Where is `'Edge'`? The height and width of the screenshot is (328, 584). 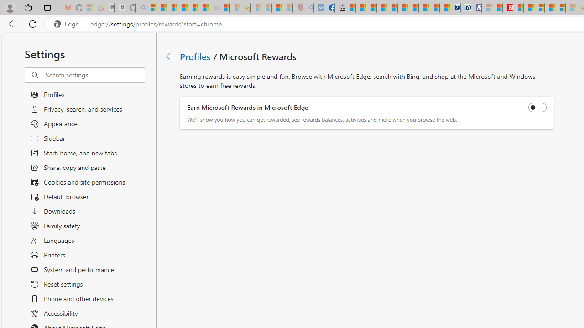
'Edge' is located at coordinates (68, 24).